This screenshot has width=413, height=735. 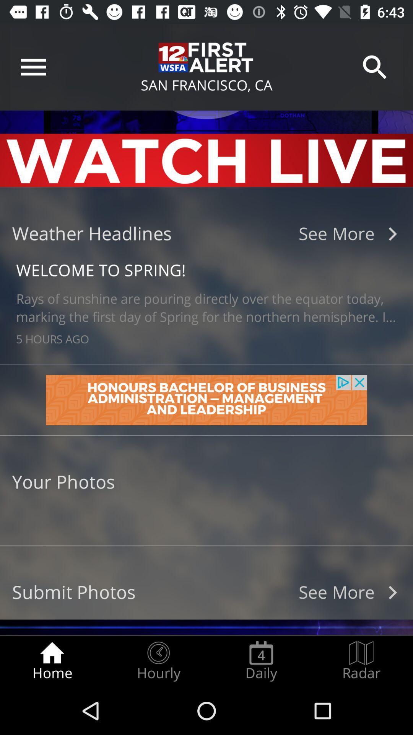 What do you see at coordinates (52, 661) in the screenshot?
I see `home icon` at bounding box center [52, 661].